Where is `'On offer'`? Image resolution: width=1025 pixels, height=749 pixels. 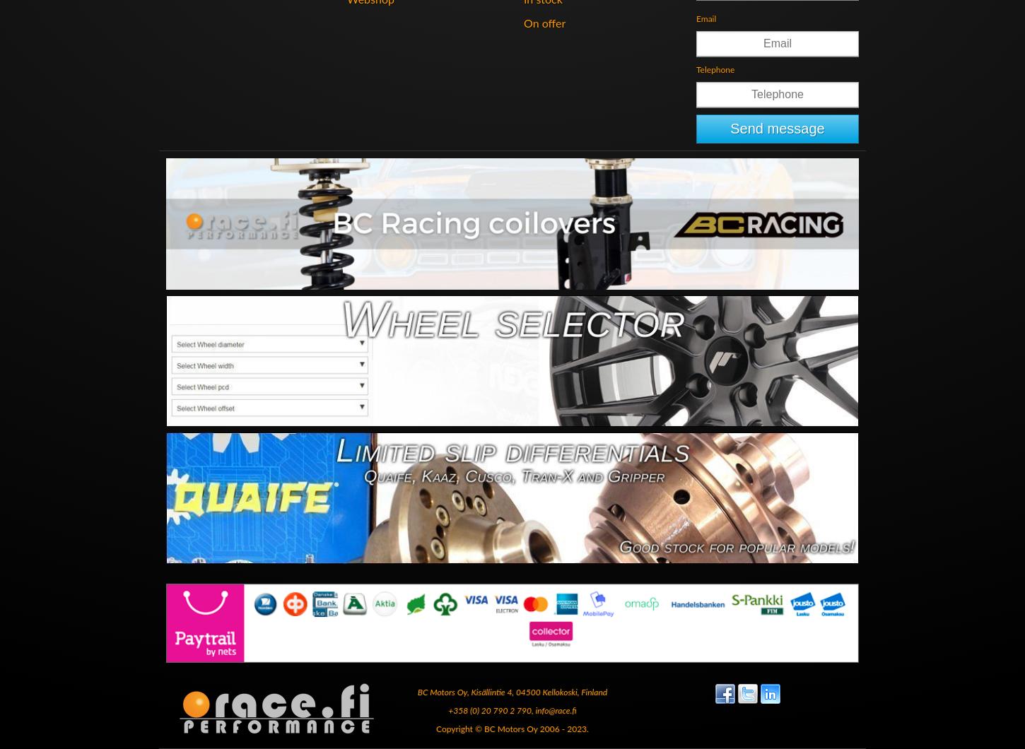
'On offer' is located at coordinates (544, 24).